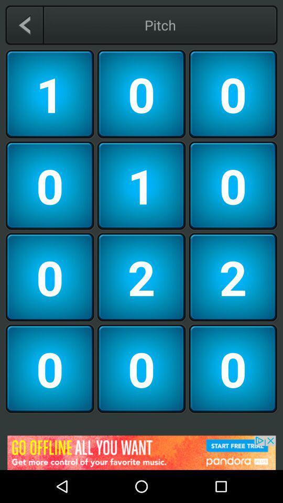  I want to click on the arrow_backward icon, so click(24, 25).